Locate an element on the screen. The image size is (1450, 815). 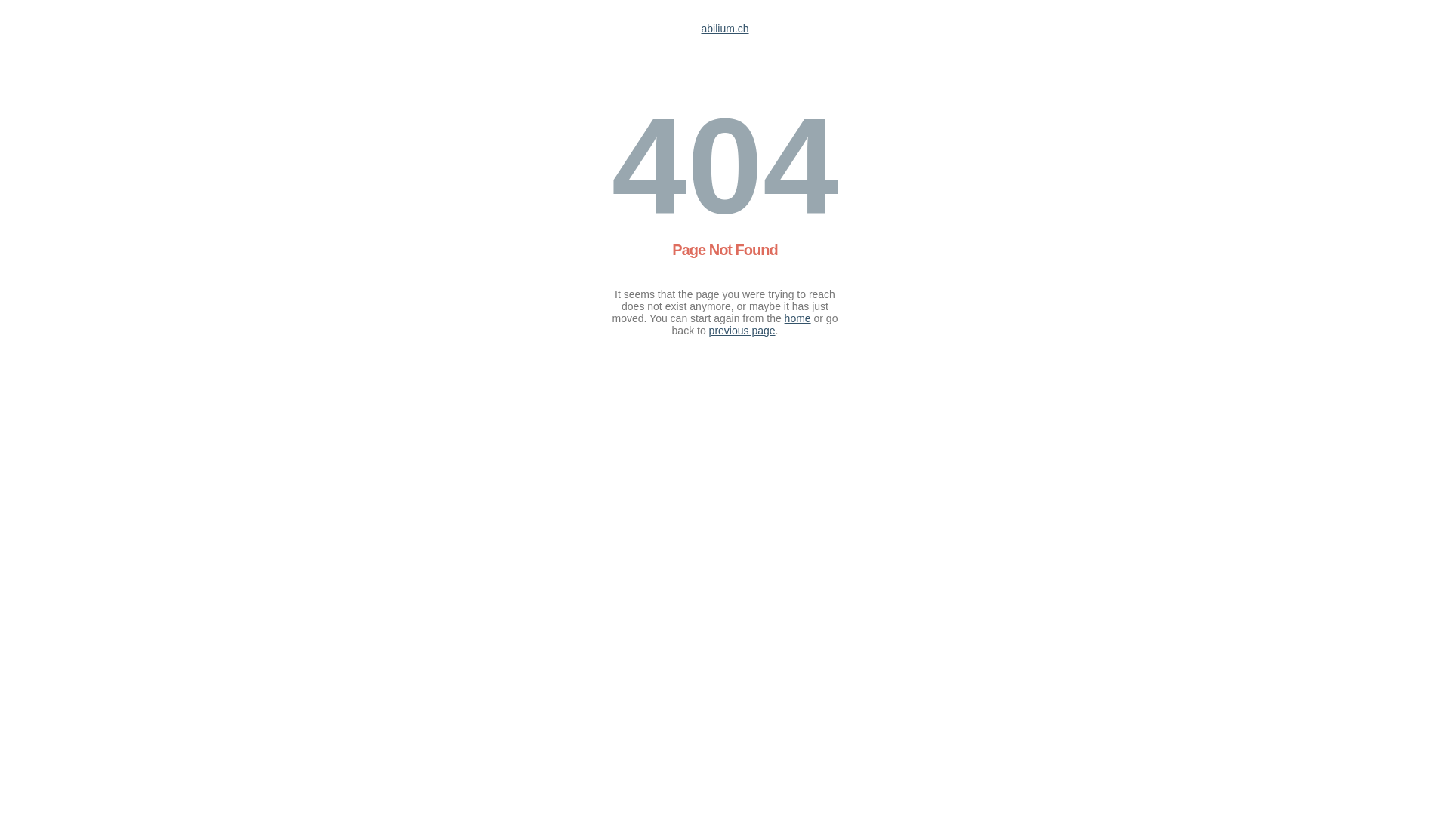
'previous page' is located at coordinates (742, 330).